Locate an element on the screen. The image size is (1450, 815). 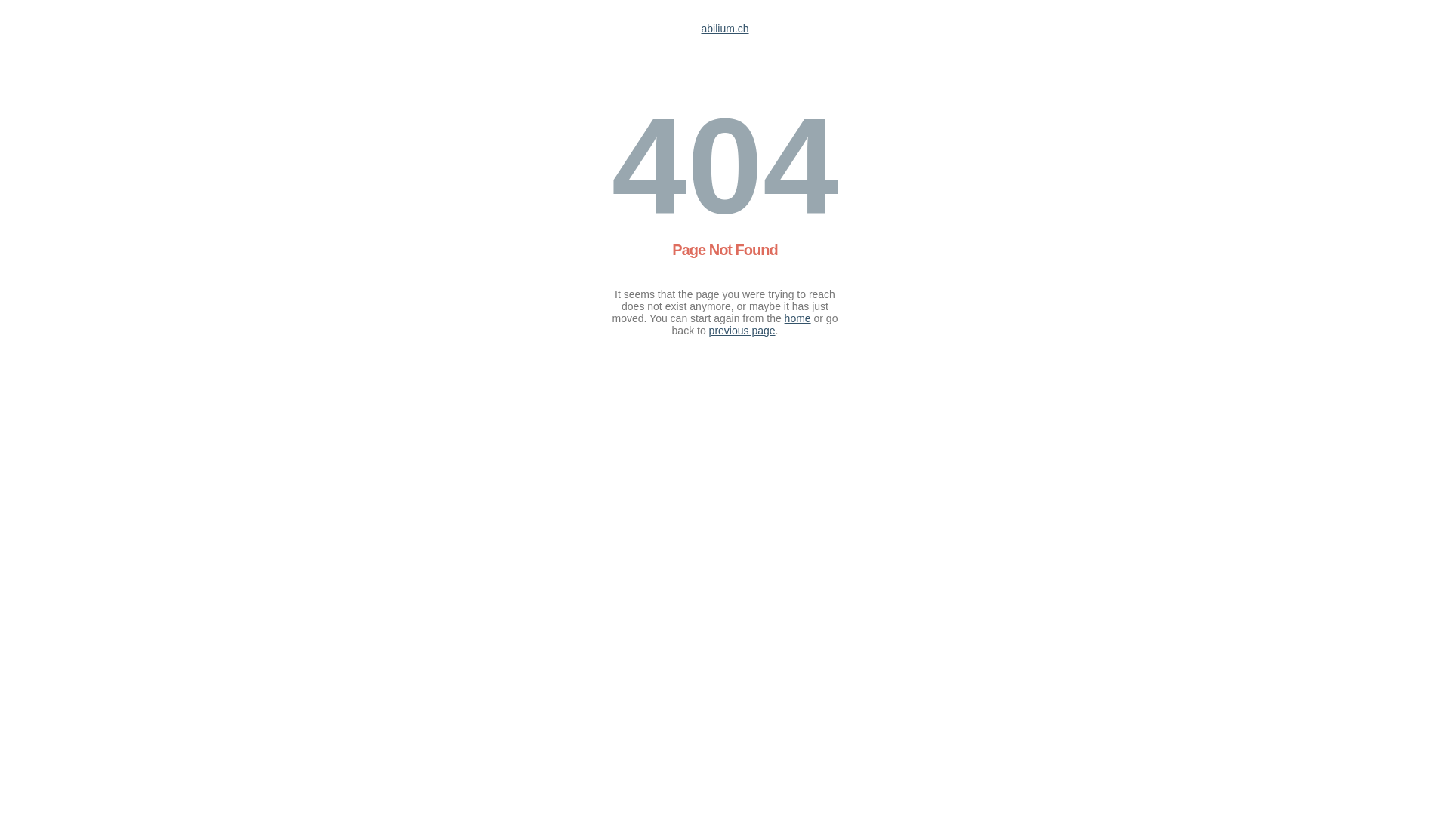
'previous page' is located at coordinates (742, 330).